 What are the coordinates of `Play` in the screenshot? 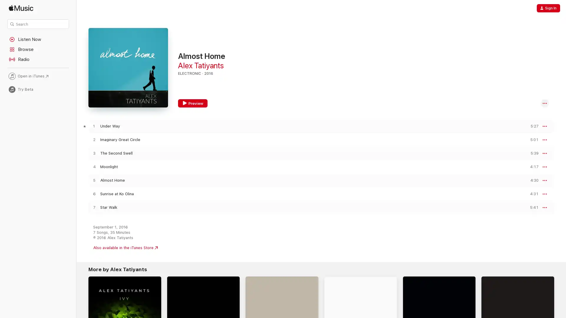 It's located at (94, 126).